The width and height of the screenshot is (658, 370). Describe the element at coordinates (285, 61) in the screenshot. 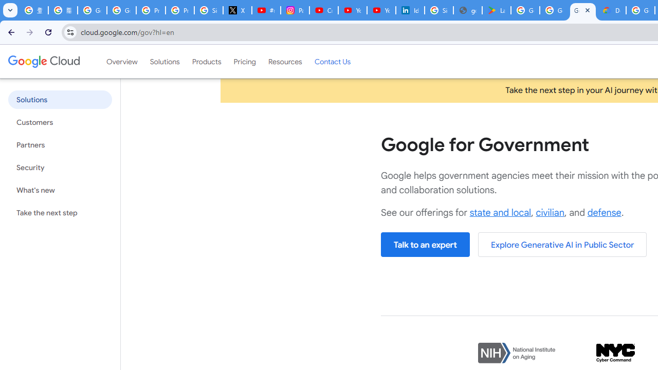

I see `'Resources'` at that location.